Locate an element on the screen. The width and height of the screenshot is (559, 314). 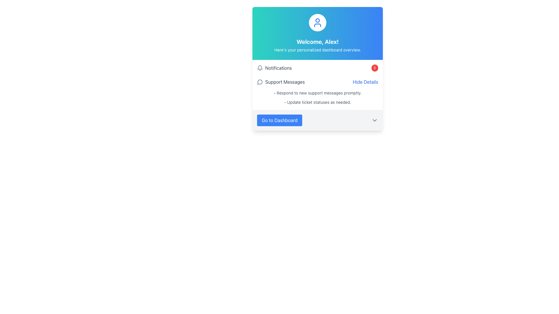
the Interactive Text Link located at the center-right of the 'Support Messages' section is located at coordinates (365, 82).